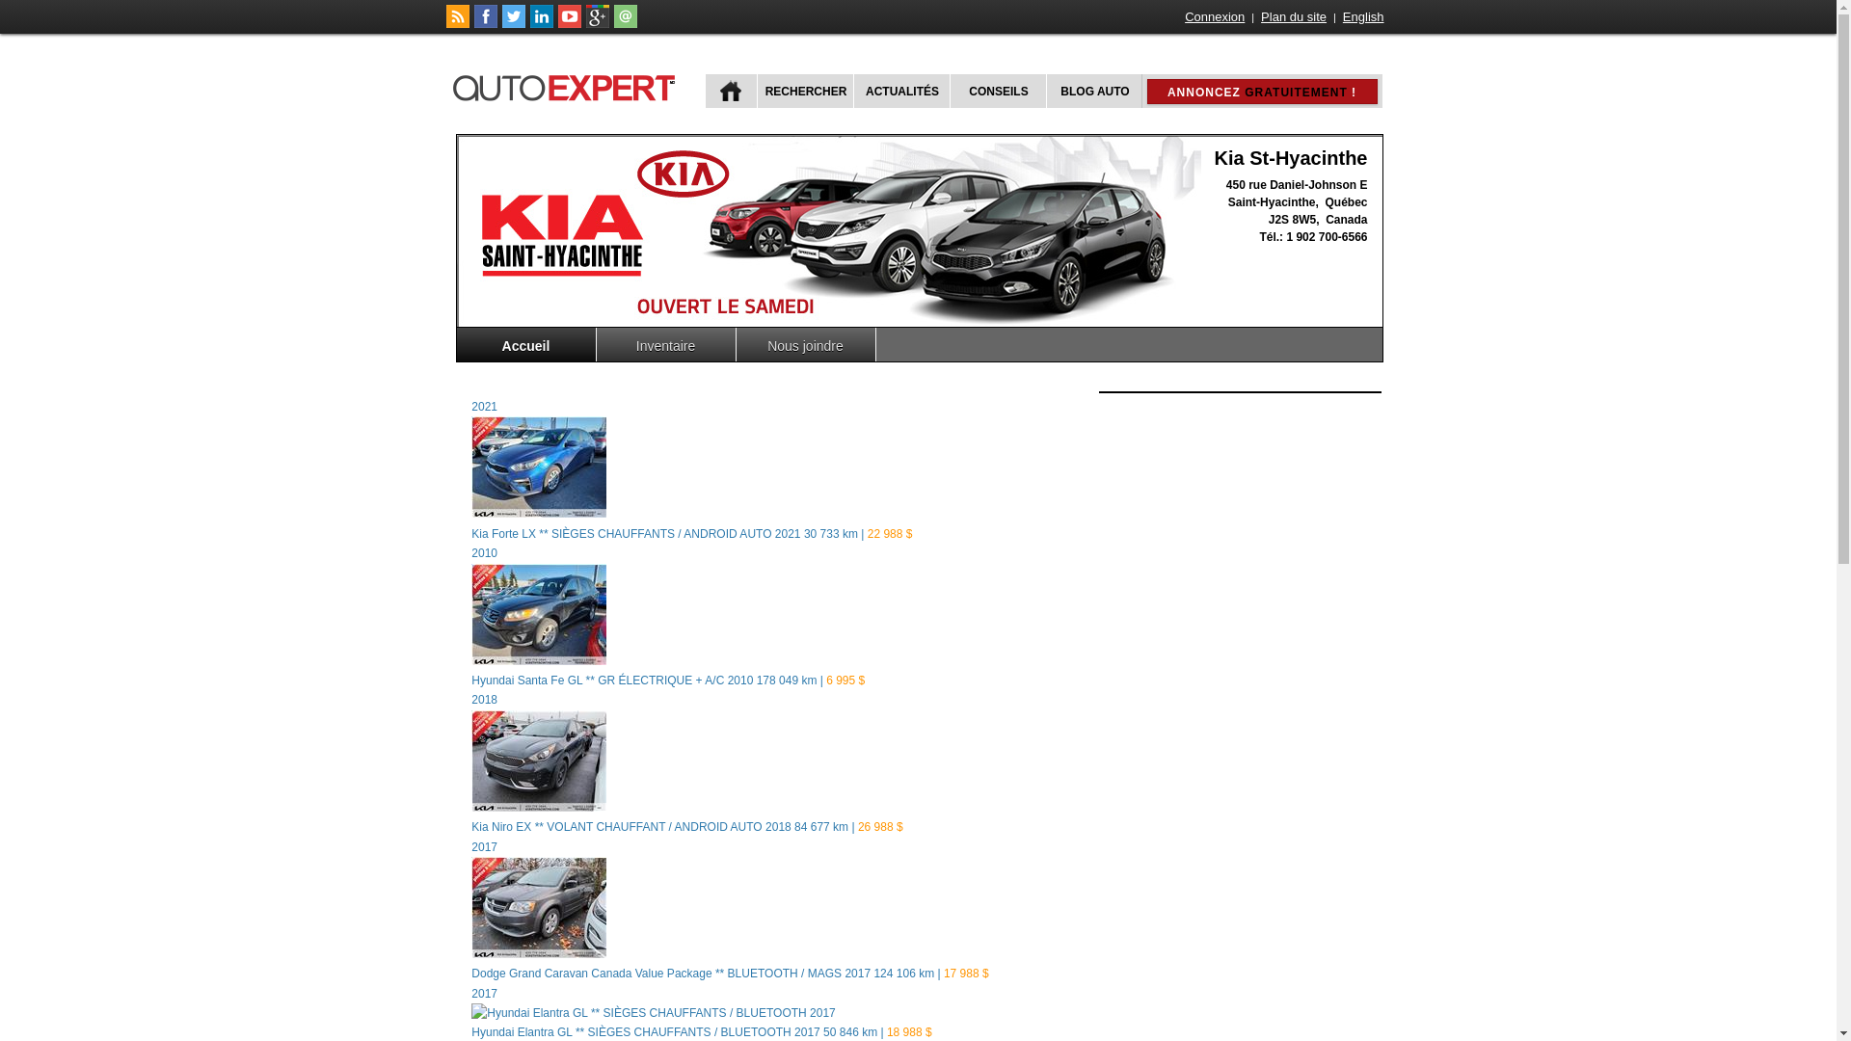 This screenshot has height=1041, width=1851. I want to click on 'Joindre autoExpert.ca', so click(625, 23).